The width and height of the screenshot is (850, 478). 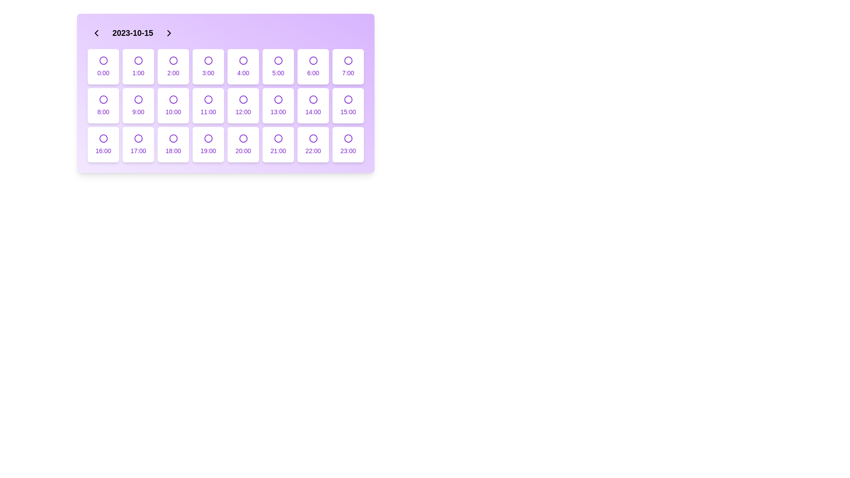 I want to click on the button in the sixth column of the fourth row that allows the user, so click(x=243, y=144).